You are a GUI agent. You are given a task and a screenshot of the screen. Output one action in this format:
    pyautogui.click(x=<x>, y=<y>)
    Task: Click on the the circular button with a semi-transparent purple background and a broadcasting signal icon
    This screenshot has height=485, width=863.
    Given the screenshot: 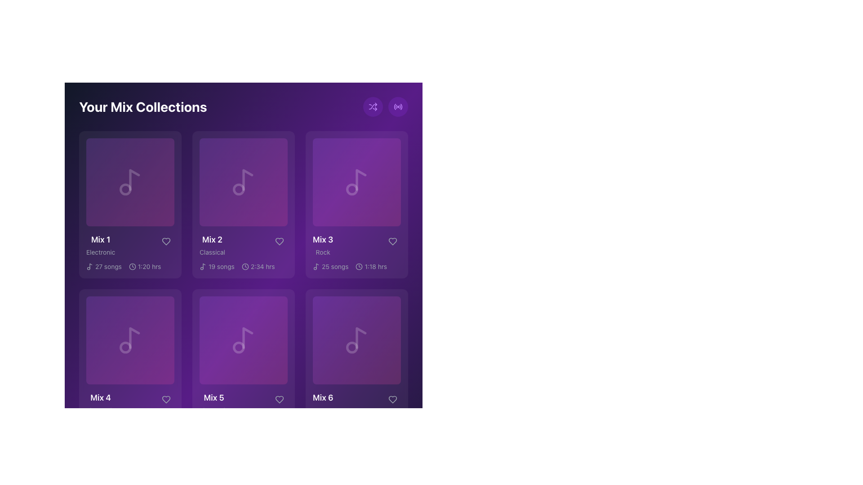 What is the action you would take?
    pyautogui.click(x=398, y=106)
    